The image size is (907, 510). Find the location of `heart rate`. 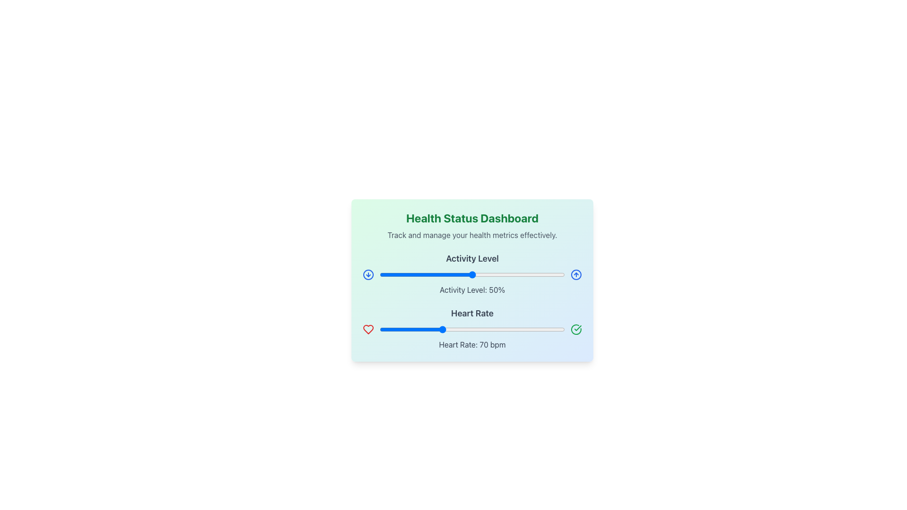

heart rate is located at coordinates (524, 329).